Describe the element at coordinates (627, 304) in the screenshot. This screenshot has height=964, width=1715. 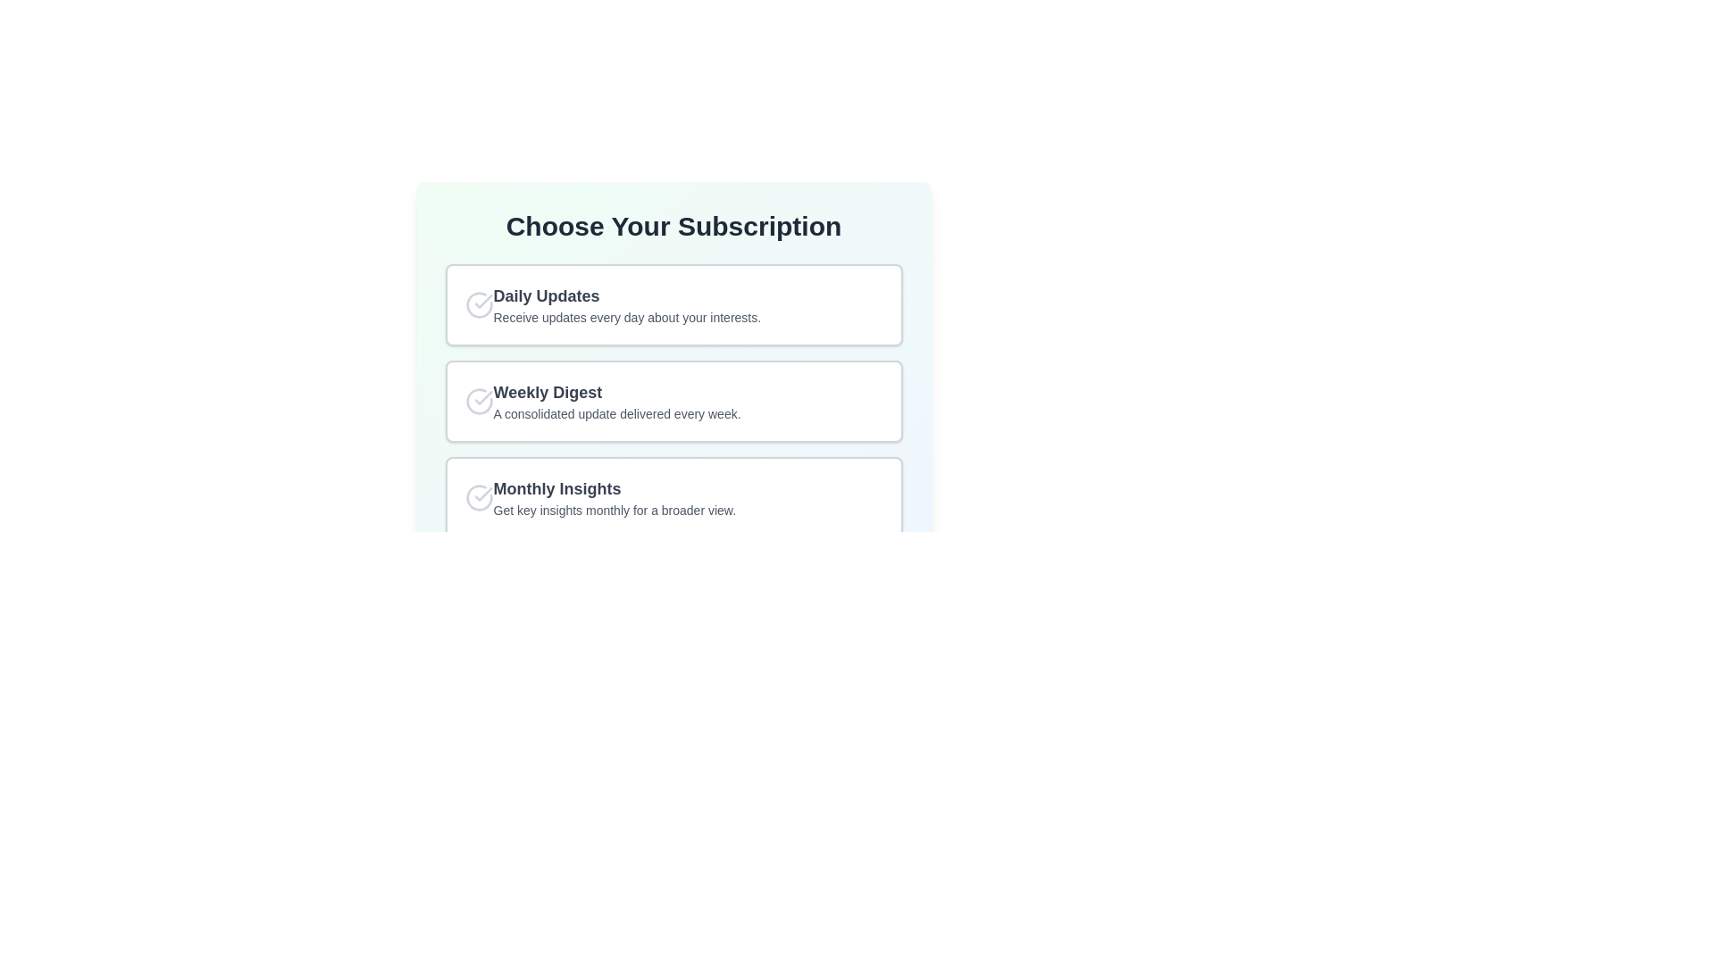
I see `text element titled 'Daily Updates' which provides a description about receiving daily updates on interests` at that location.